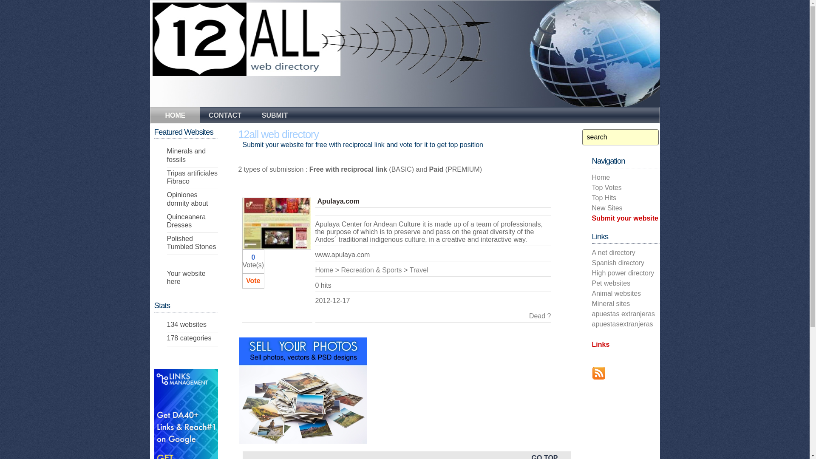 The height and width of the screenshot is (459, 816). I want to click on 'Animal websites', so click(616, 293).